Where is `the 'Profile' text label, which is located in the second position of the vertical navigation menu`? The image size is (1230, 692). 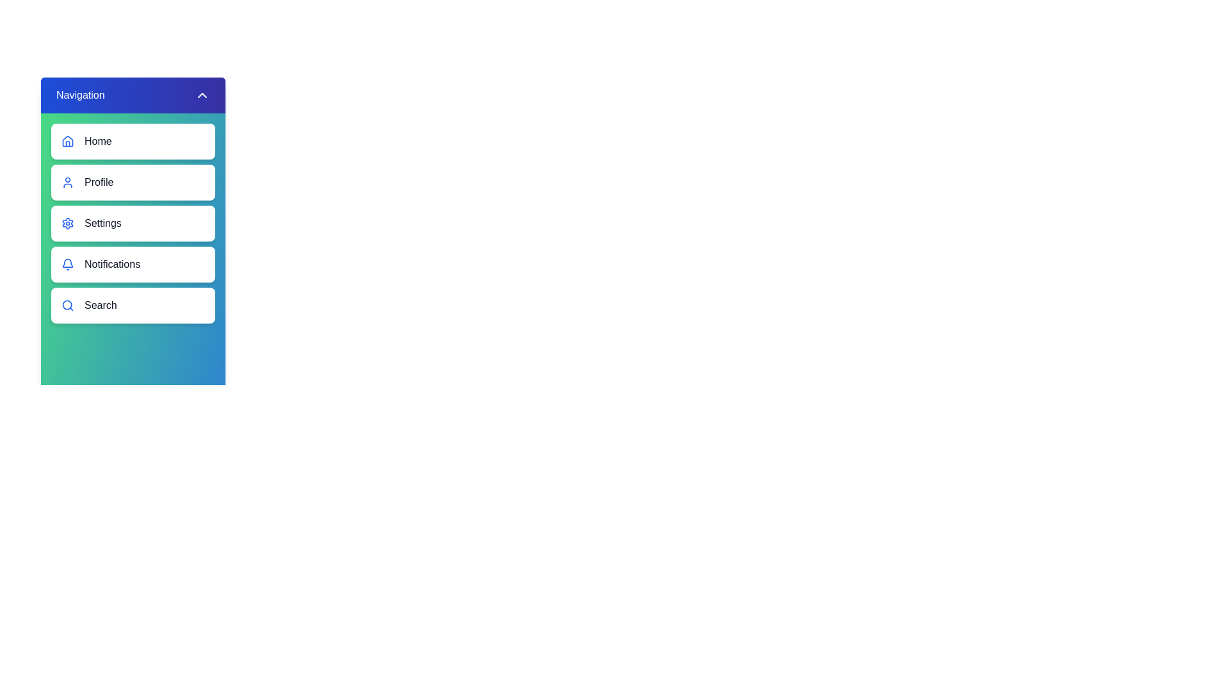 the 'Profile' text label, which is located in the second position of the vertical navigation menu is located at coordinates (98, 183).